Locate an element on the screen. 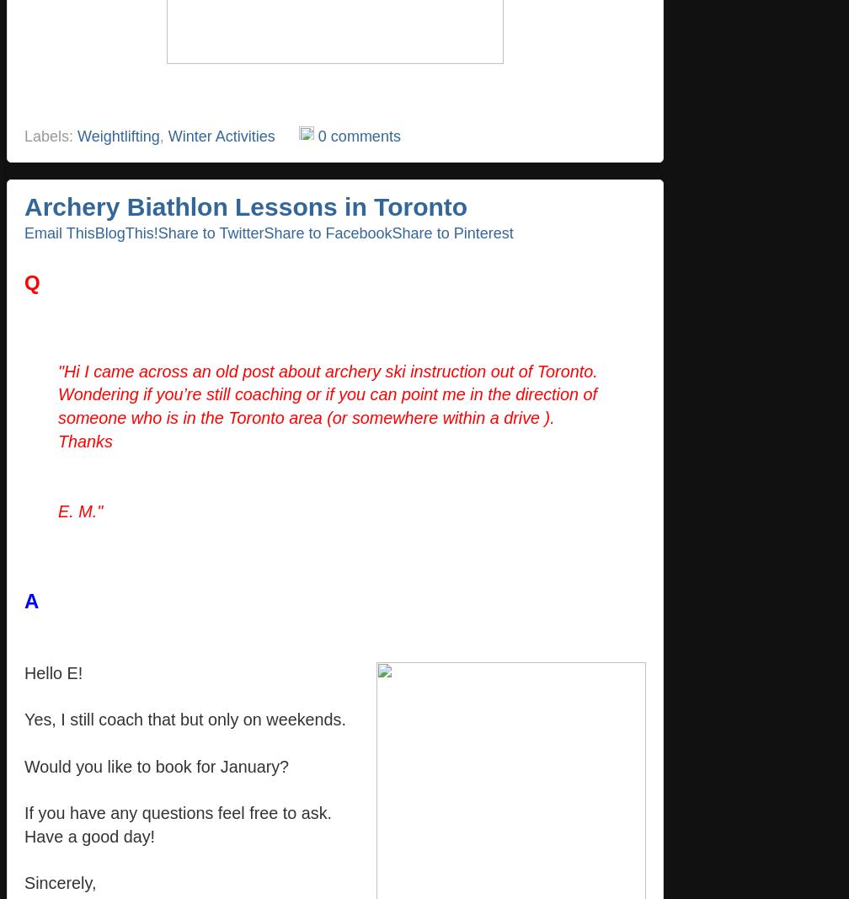  'BlogThis!' is located at coordinates (125, 233).